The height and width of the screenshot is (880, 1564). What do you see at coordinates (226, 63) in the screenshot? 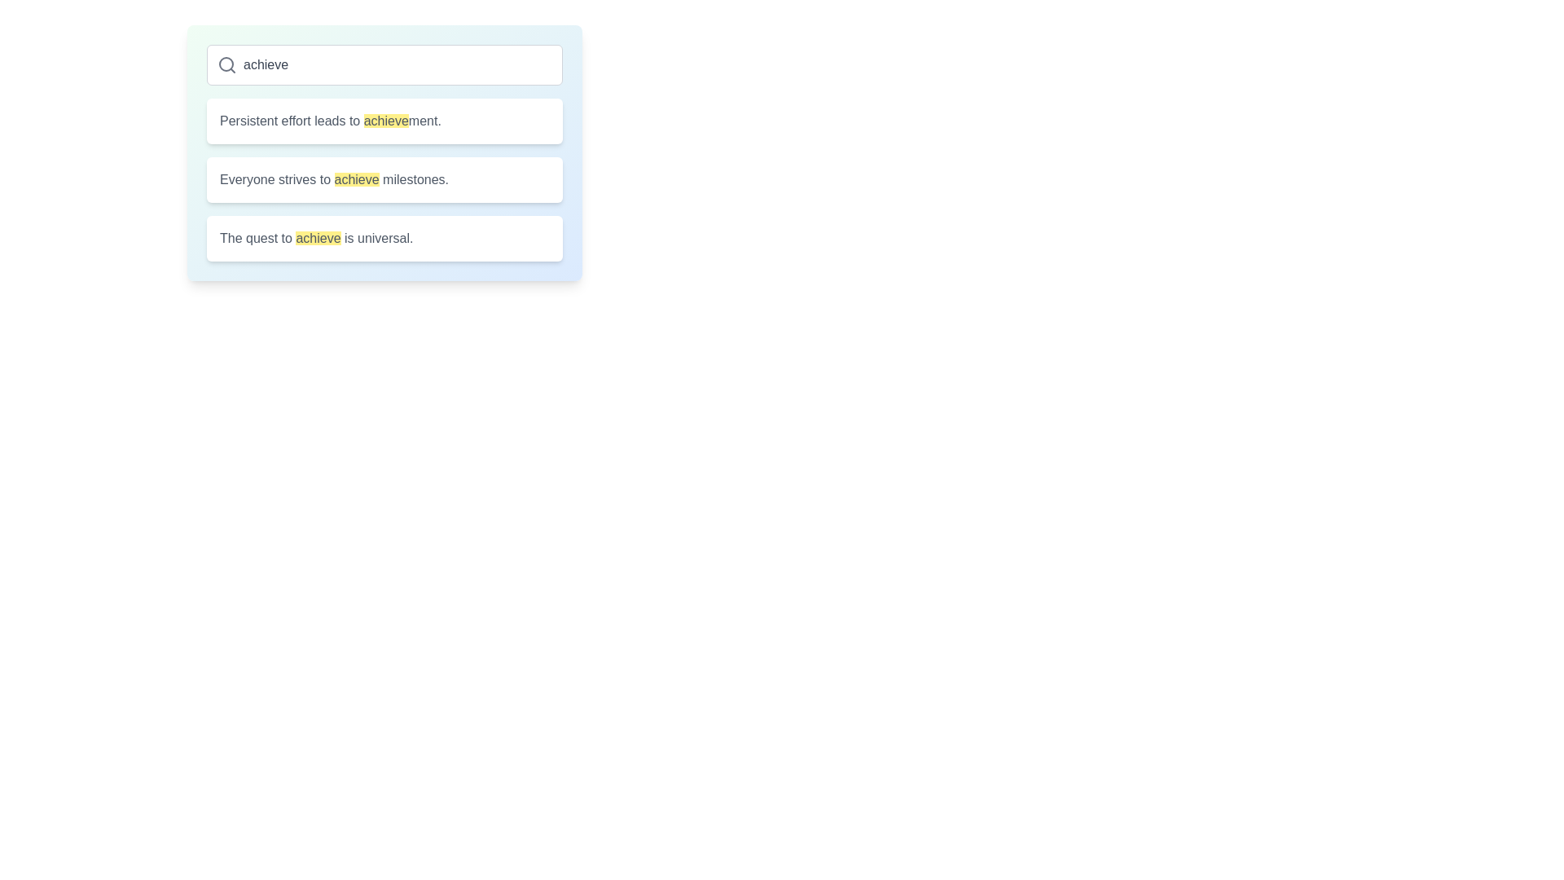
I see `the circular part of the search icon, which is an 8px radius circle located at the left side of the search bar at the top of the interface` at bounding box center [226, 63].